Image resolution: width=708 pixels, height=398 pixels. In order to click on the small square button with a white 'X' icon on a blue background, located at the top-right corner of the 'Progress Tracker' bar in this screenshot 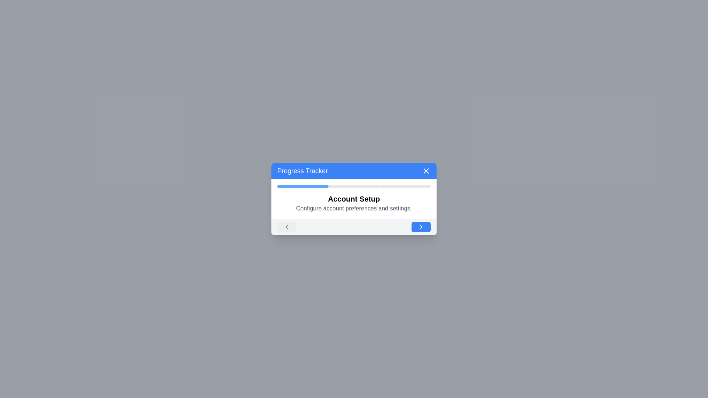, I will do `click(426, 171)`.